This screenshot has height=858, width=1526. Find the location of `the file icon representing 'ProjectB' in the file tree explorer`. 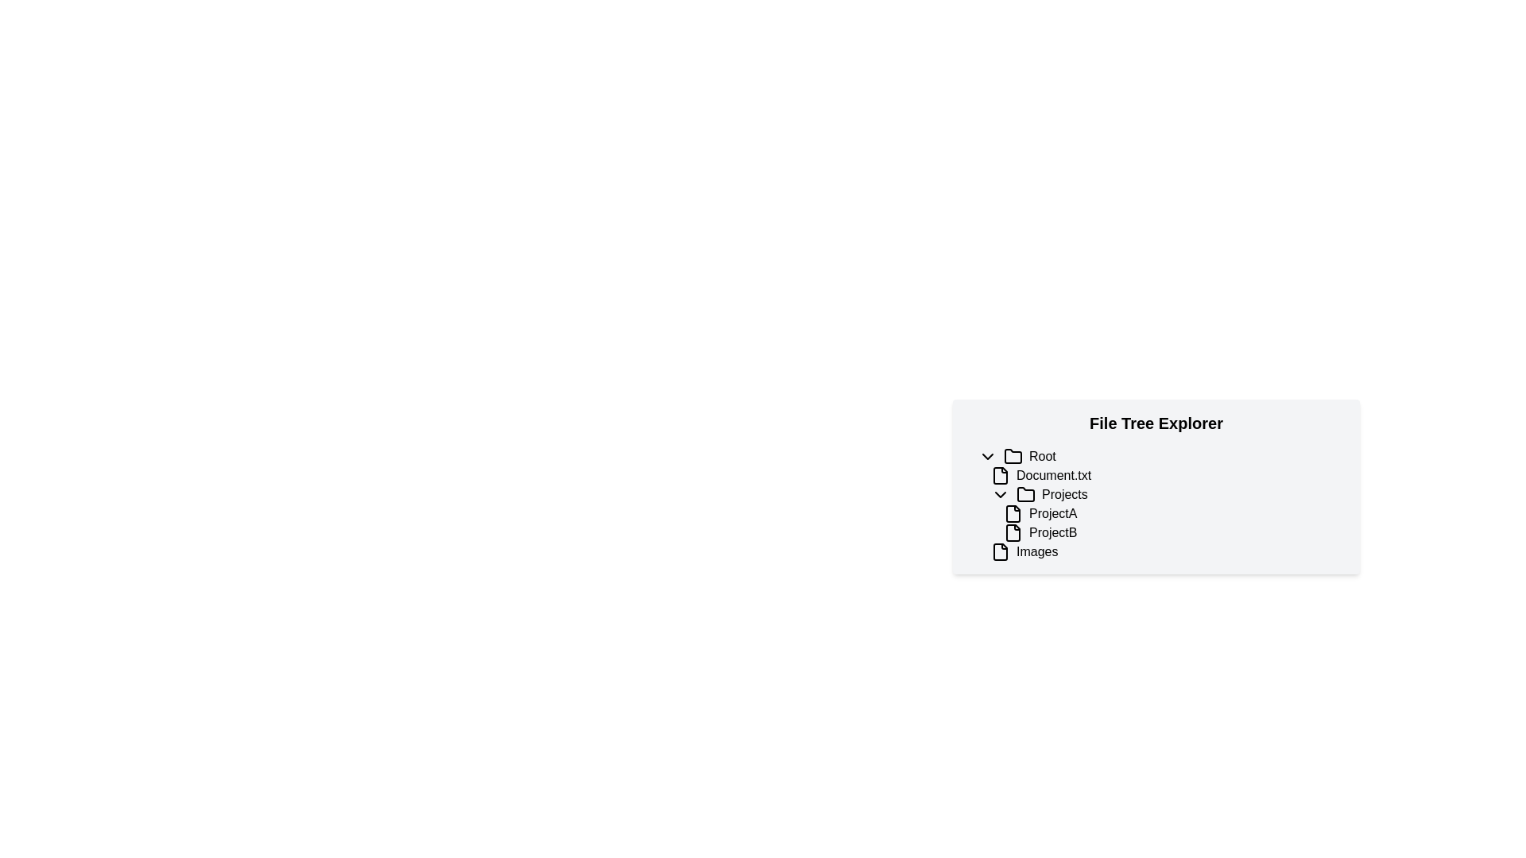

the file icon representing 'ProjectB' in the file tree explorer is located at coordinates (1013, 533).